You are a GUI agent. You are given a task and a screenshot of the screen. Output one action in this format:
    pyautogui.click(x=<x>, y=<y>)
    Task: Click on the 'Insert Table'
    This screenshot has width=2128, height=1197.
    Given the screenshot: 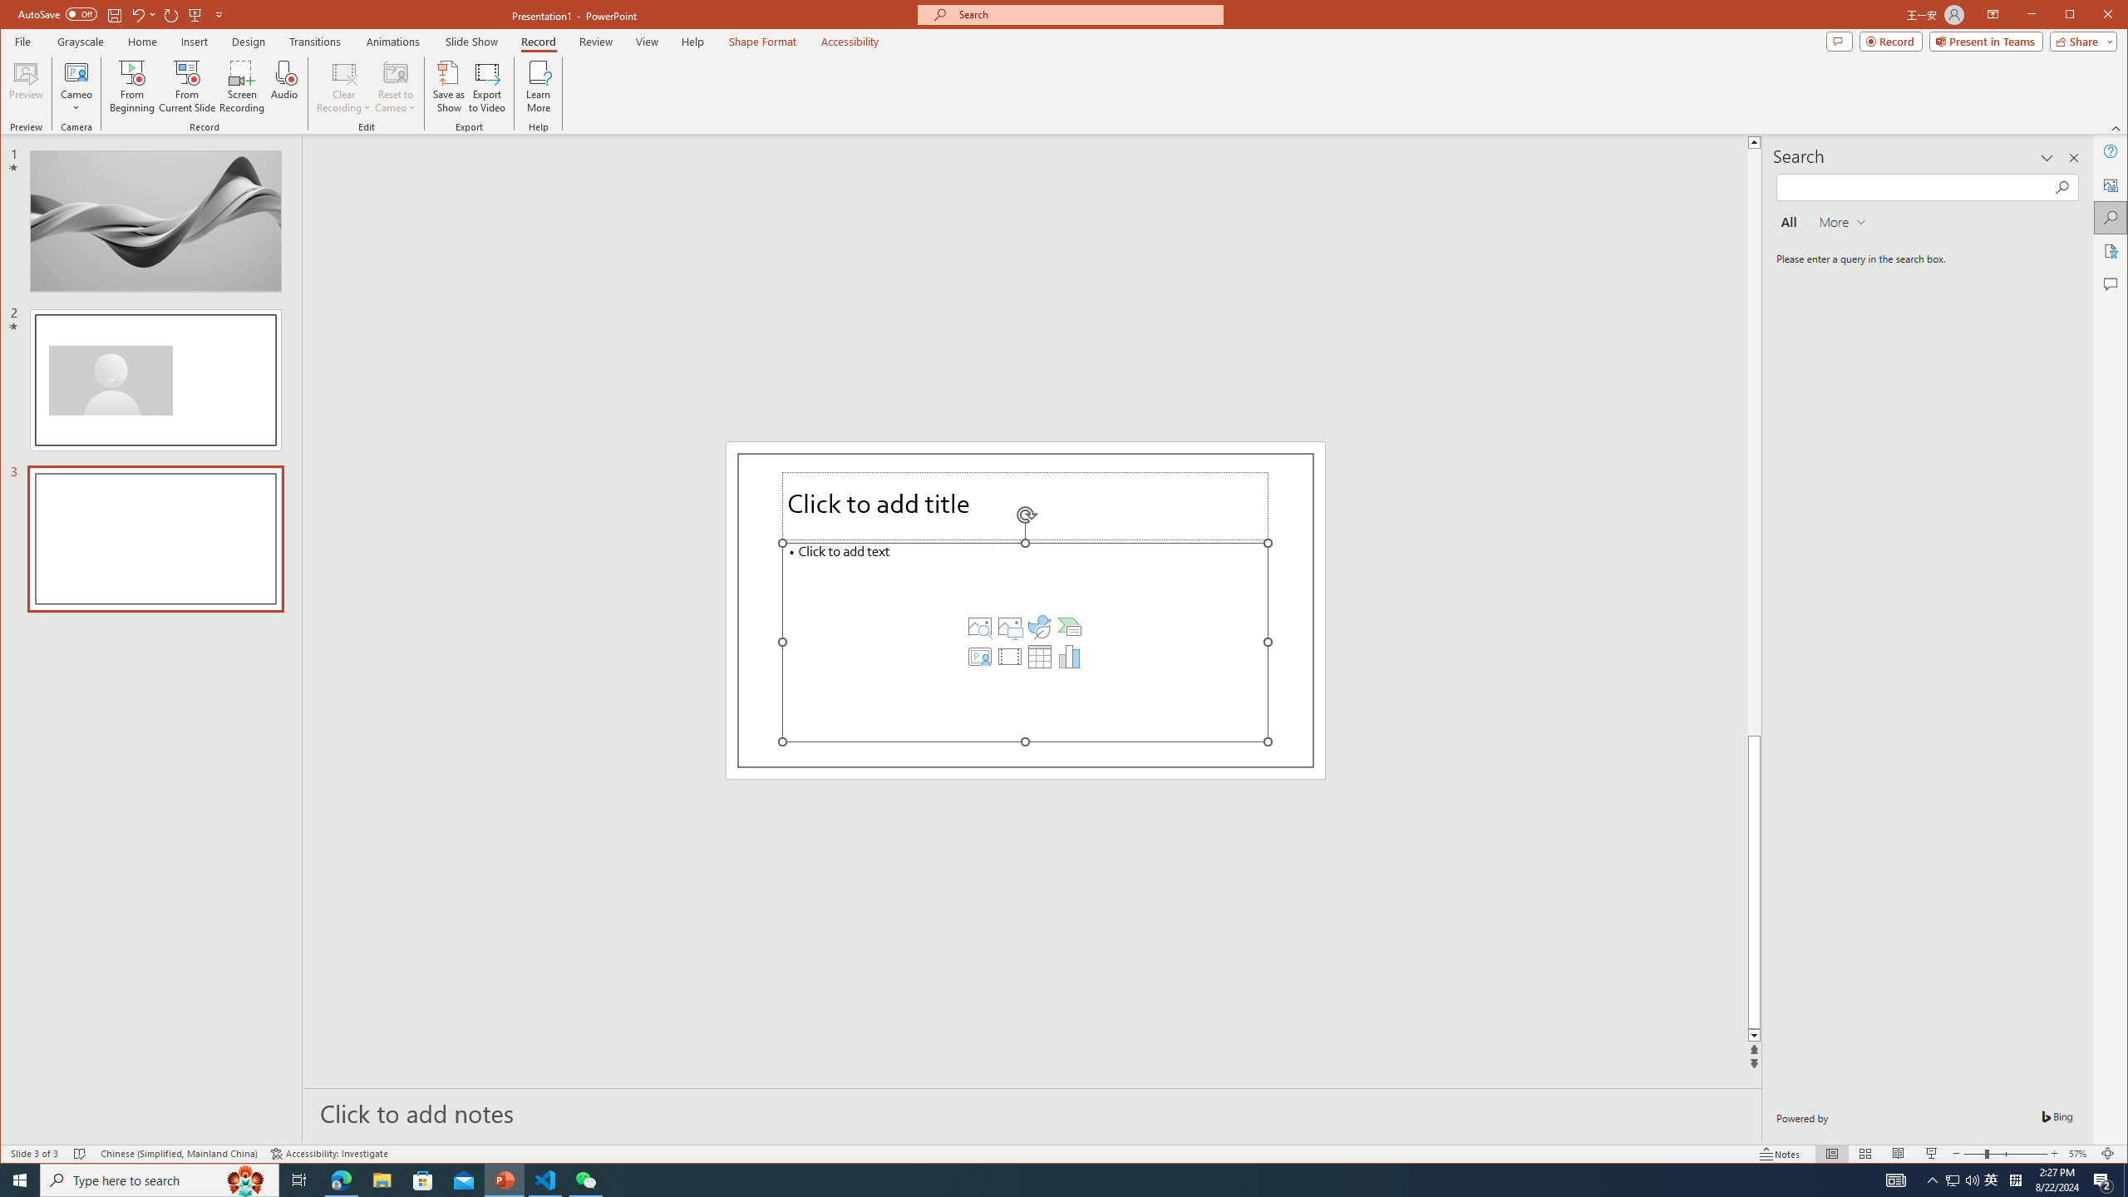 What is the action you would take?
    pyautogui.click(x=1039, y=656)
    